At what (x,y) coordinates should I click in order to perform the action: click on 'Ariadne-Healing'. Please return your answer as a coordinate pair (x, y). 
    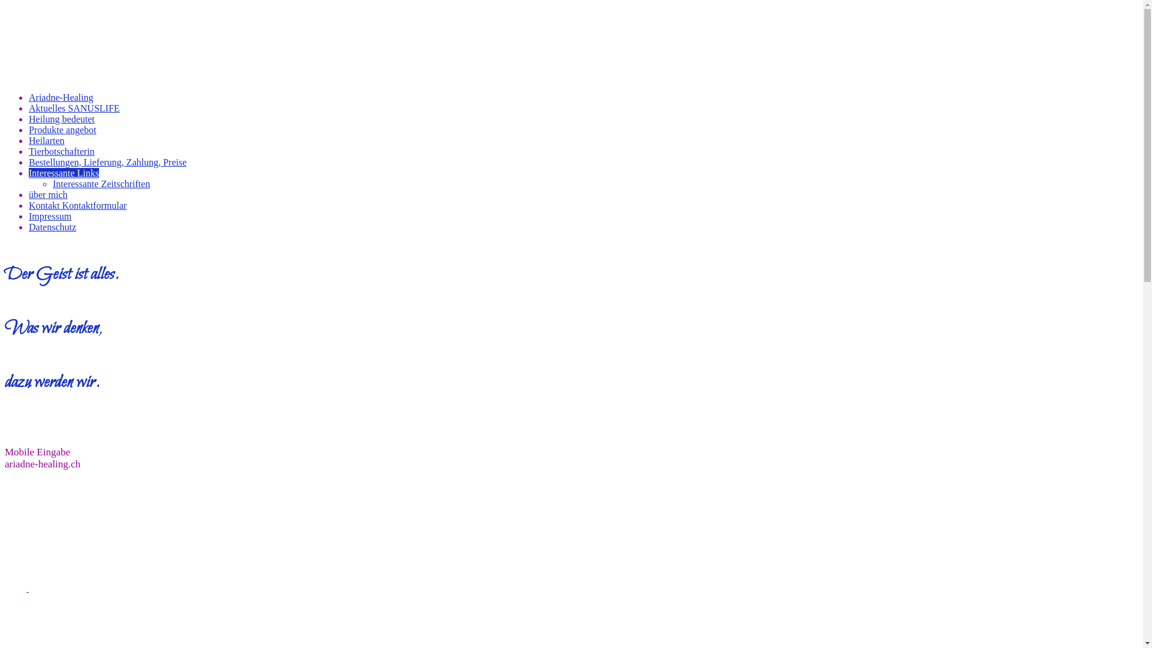
    Looking at the image, I should click on (29, 97).